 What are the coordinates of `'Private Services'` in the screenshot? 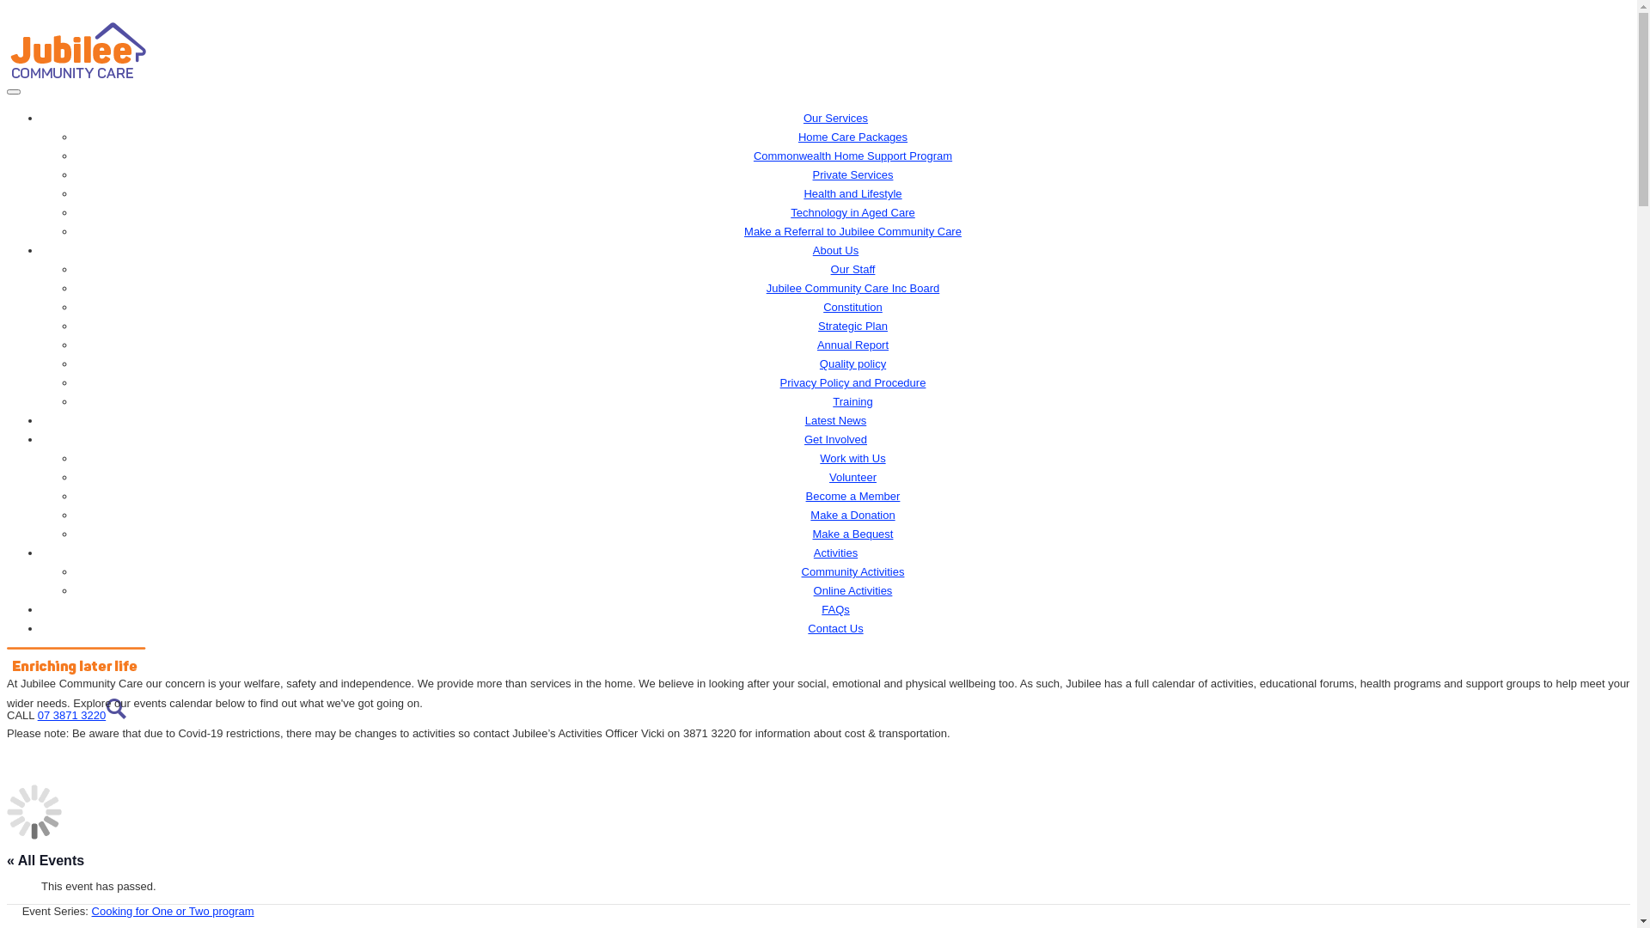 It's located at (807, 174).